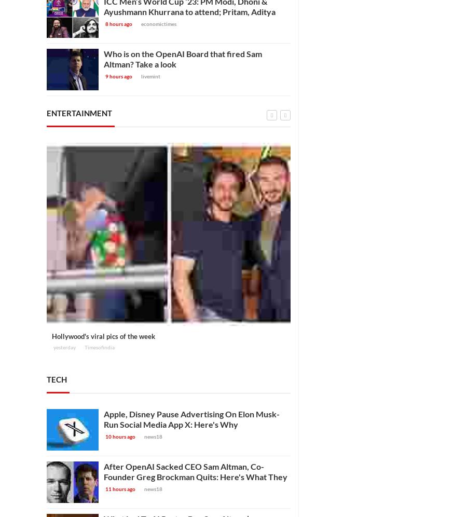 The image size is (467, 517). Describe the element at coordinates (46, 378) in the screenshot. I see `'Tech'` at that location.